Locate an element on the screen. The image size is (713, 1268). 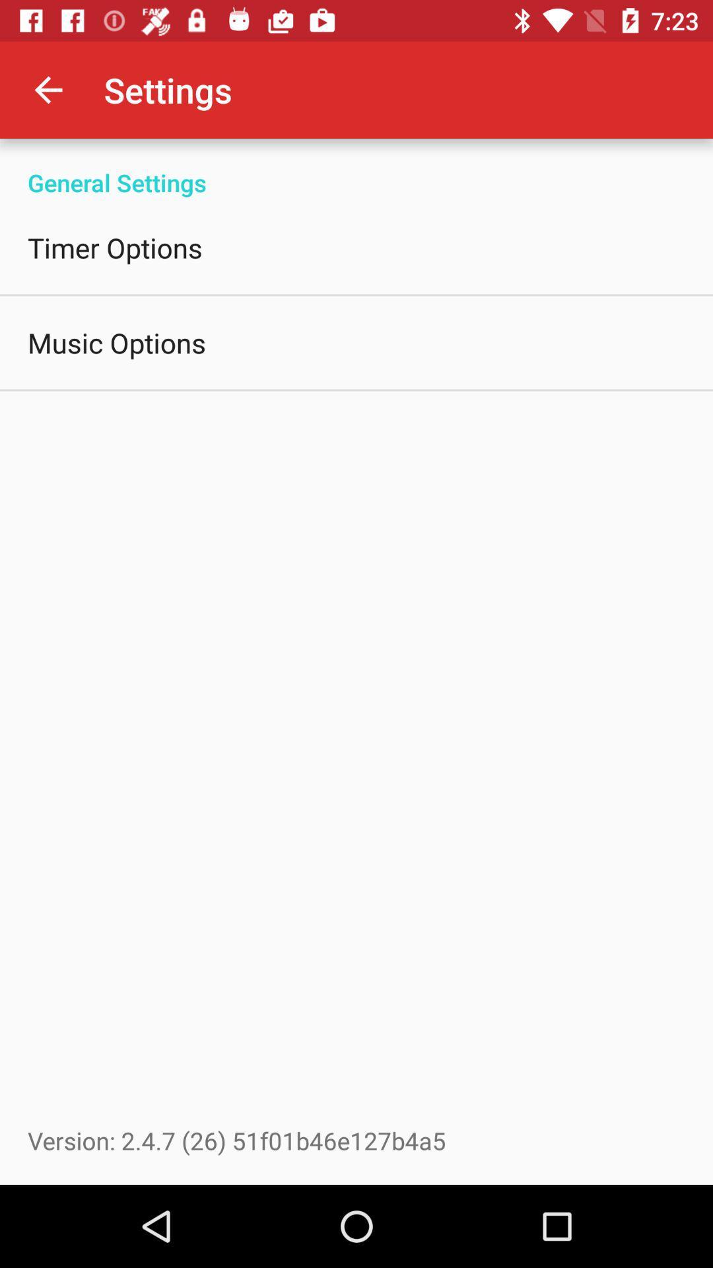
app next to settings is located at coordinates (48, 89).